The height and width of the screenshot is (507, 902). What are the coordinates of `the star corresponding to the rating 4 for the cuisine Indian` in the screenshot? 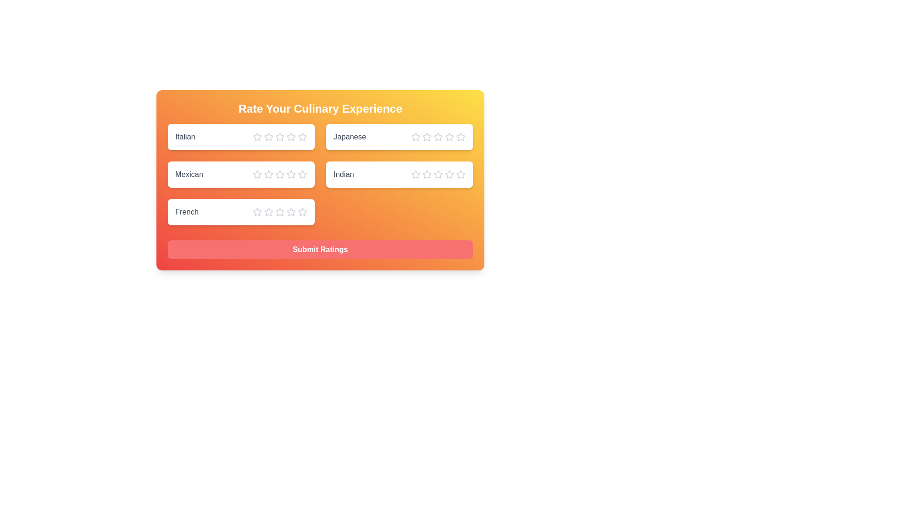 It's located at (449, 174).